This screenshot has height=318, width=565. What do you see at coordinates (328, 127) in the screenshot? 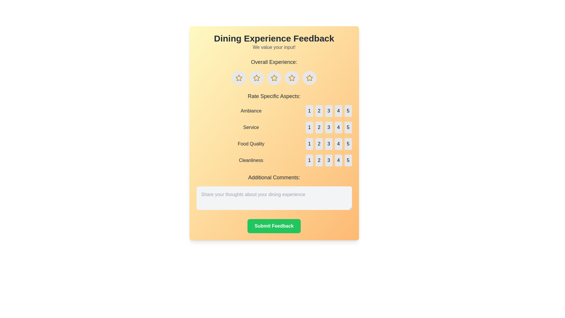
I see `rating button labeled '3' for the 'Service' rating located below the 'Service' label in the 'Rate Specific Aspects' section` at bounding box center [328, 127].